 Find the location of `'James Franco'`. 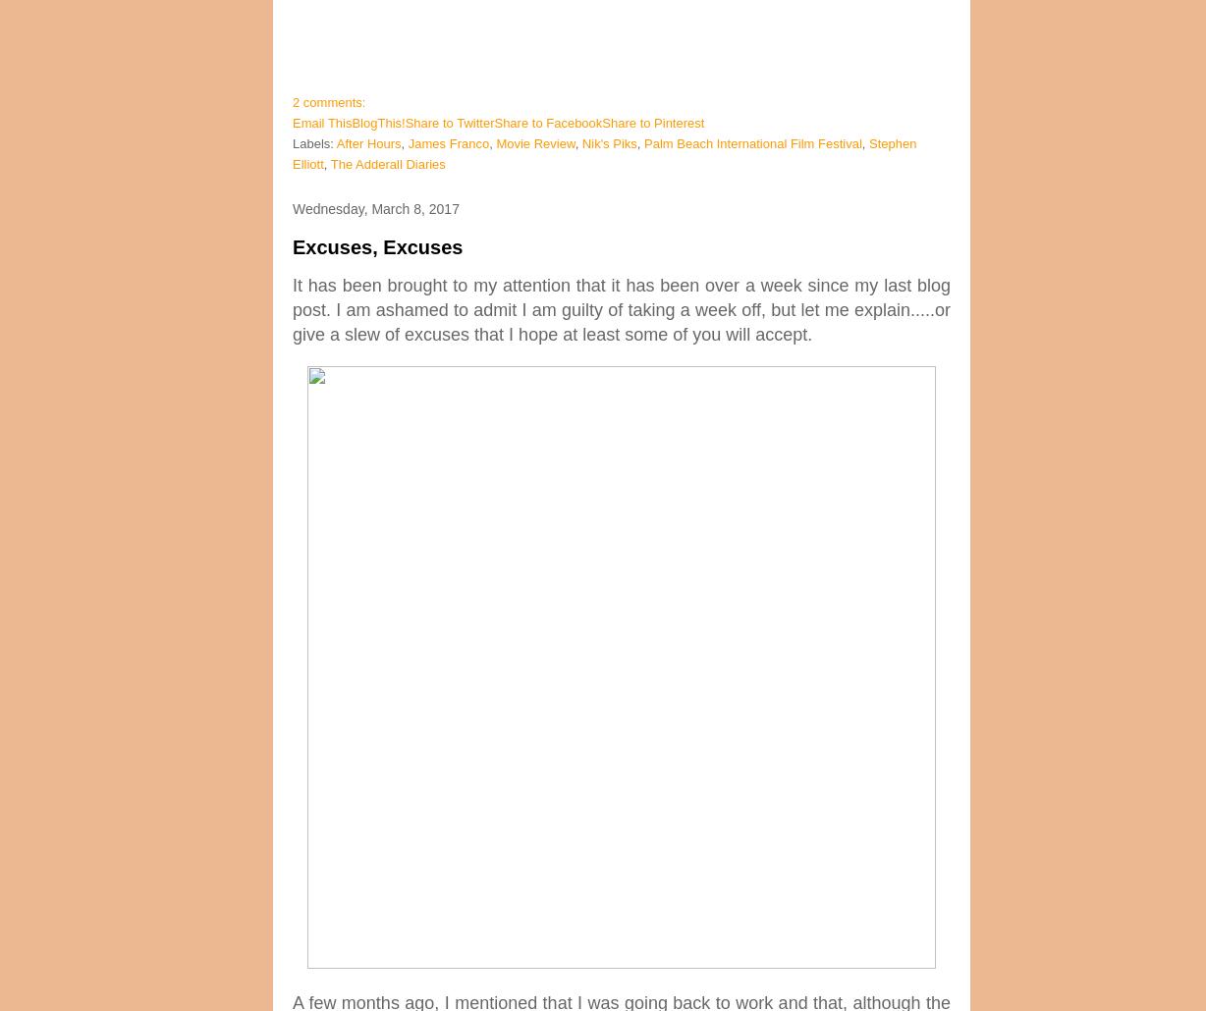

'James Franco' is located at coordinates (448, 142).